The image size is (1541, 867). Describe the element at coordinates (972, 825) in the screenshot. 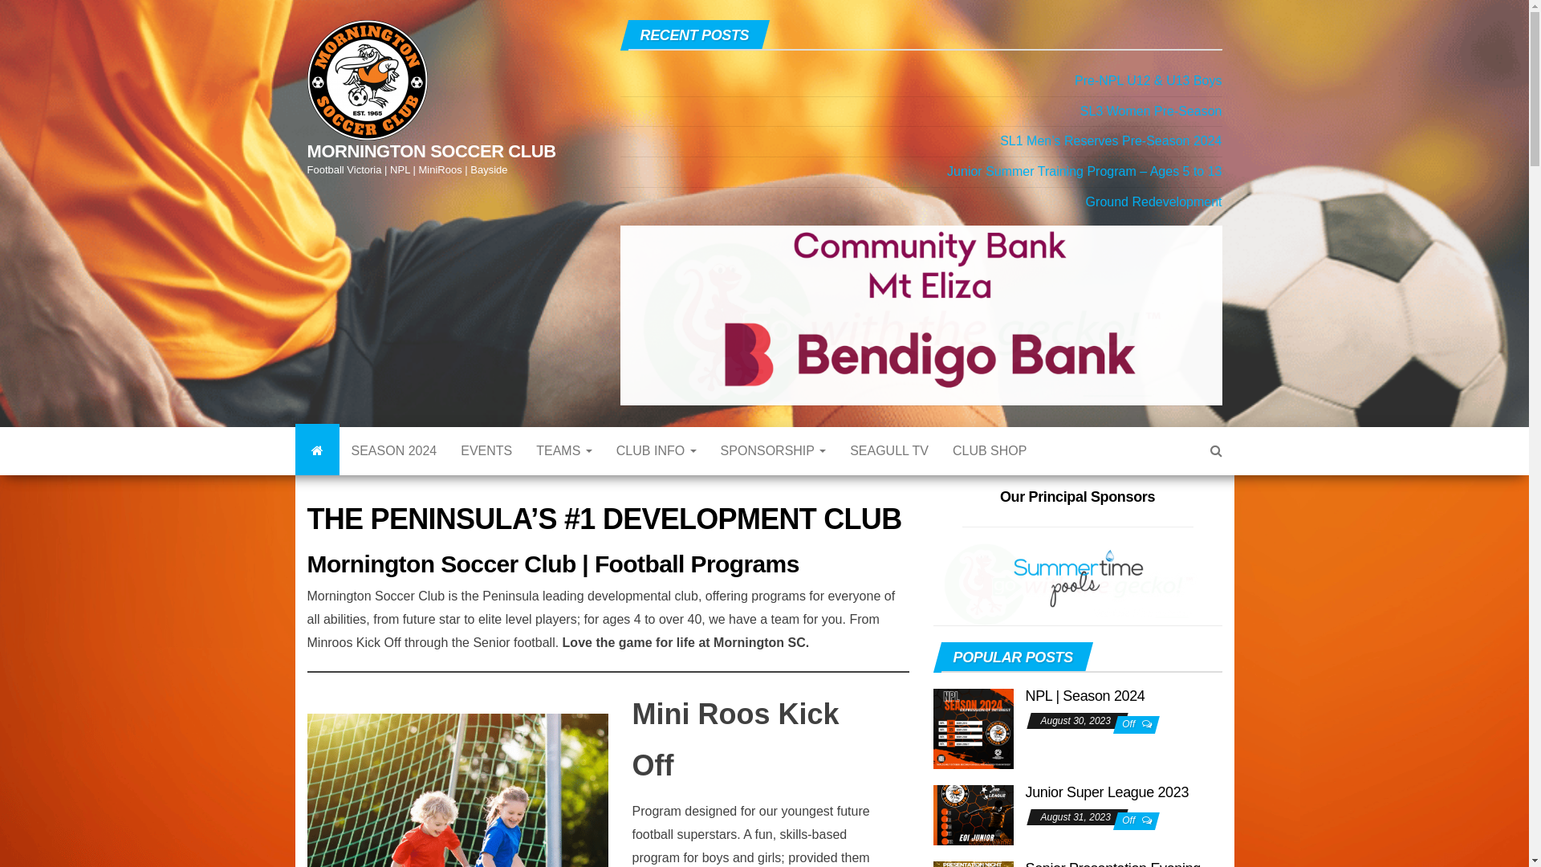

I see `'Junior Super League 2023'` at that location.